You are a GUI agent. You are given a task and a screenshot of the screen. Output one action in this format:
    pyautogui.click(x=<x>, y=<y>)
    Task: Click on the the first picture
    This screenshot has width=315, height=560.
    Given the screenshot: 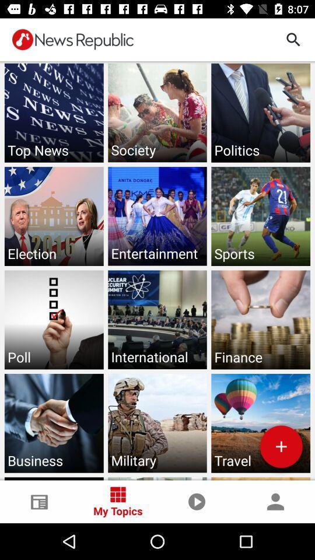 What is the action you would take?
    pyautogui.click(x=53, y=113)
    